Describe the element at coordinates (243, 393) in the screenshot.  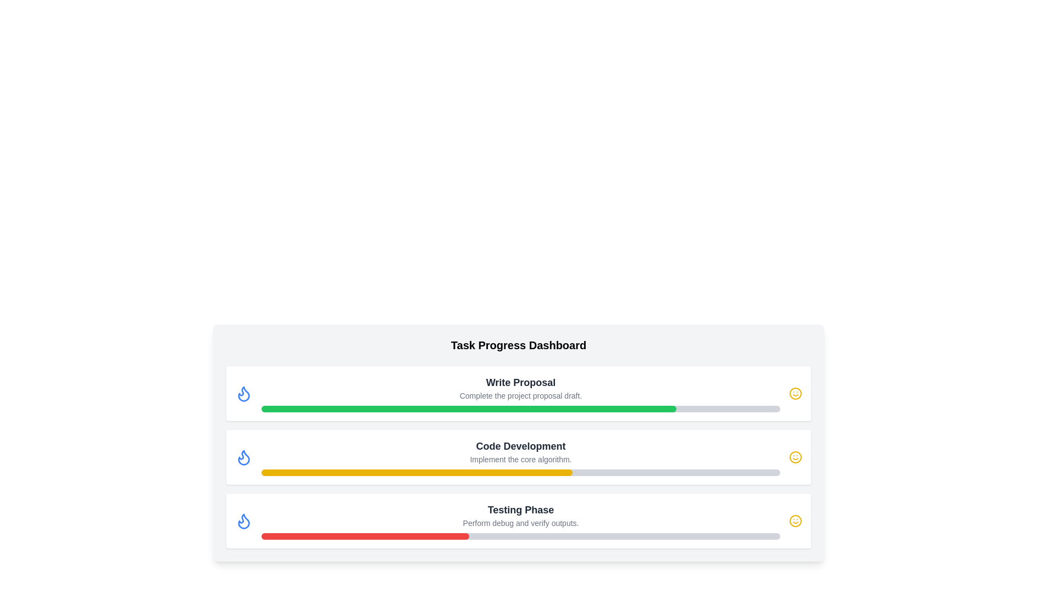
I see `the blue flame icon located in the top-left corner of the 'Write Proposal' card` at that location.